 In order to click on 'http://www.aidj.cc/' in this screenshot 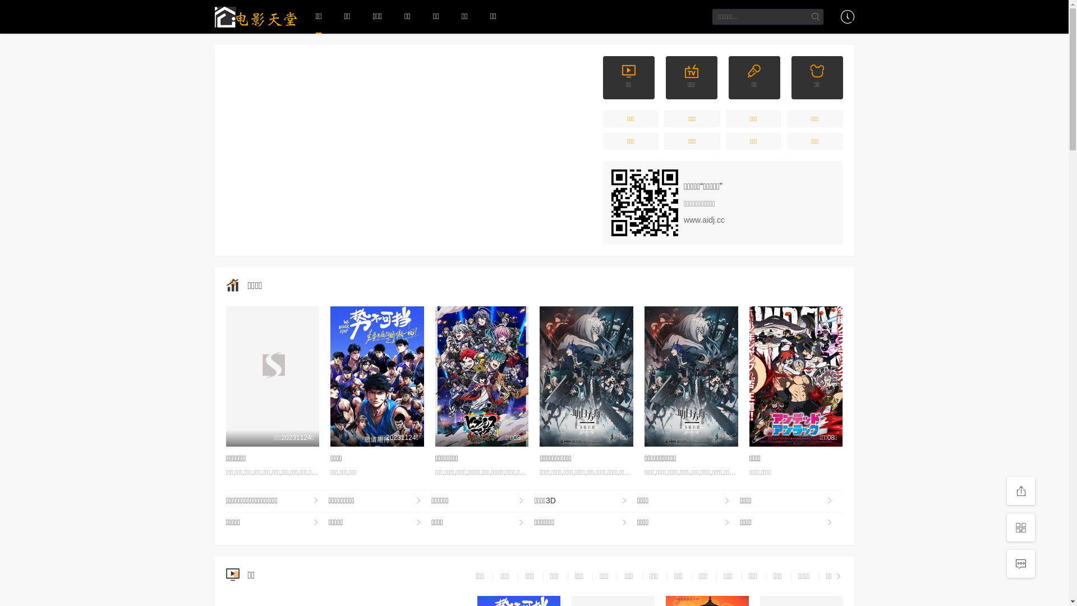, I will do `click(645, 203)`.